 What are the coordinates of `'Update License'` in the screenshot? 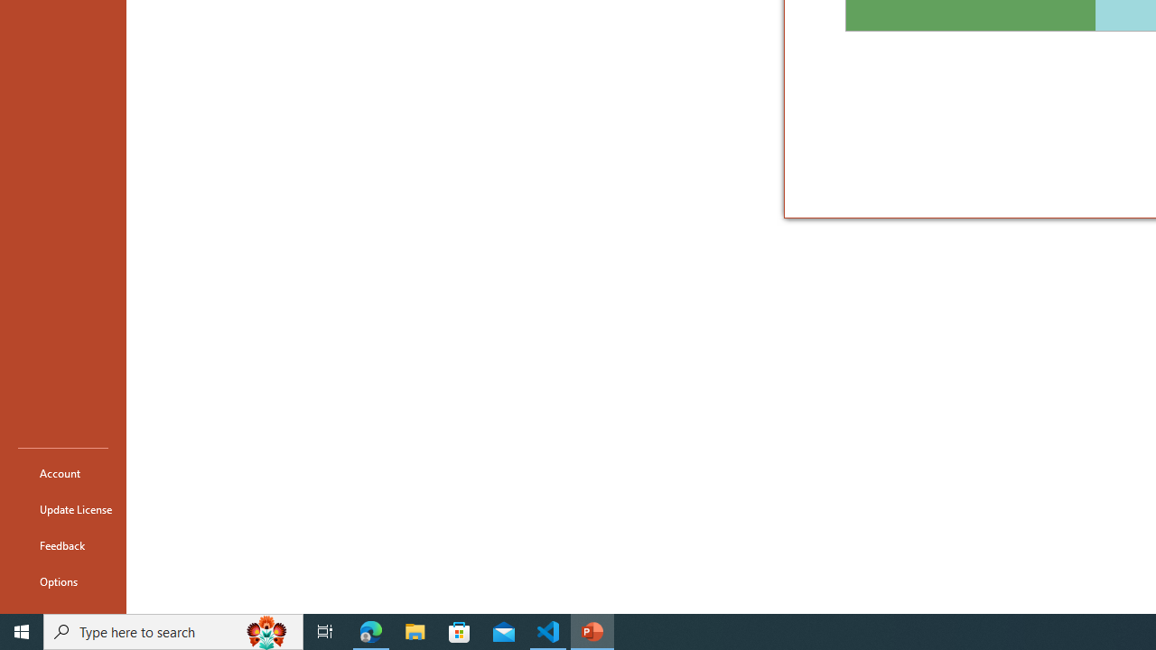 It's located at (62, 509).